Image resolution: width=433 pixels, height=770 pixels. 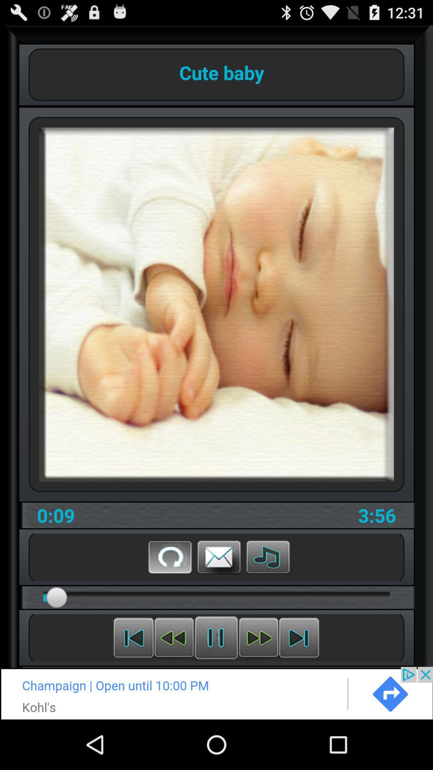 I want to click on the av_rewind icon, so click(x=174, y=682).